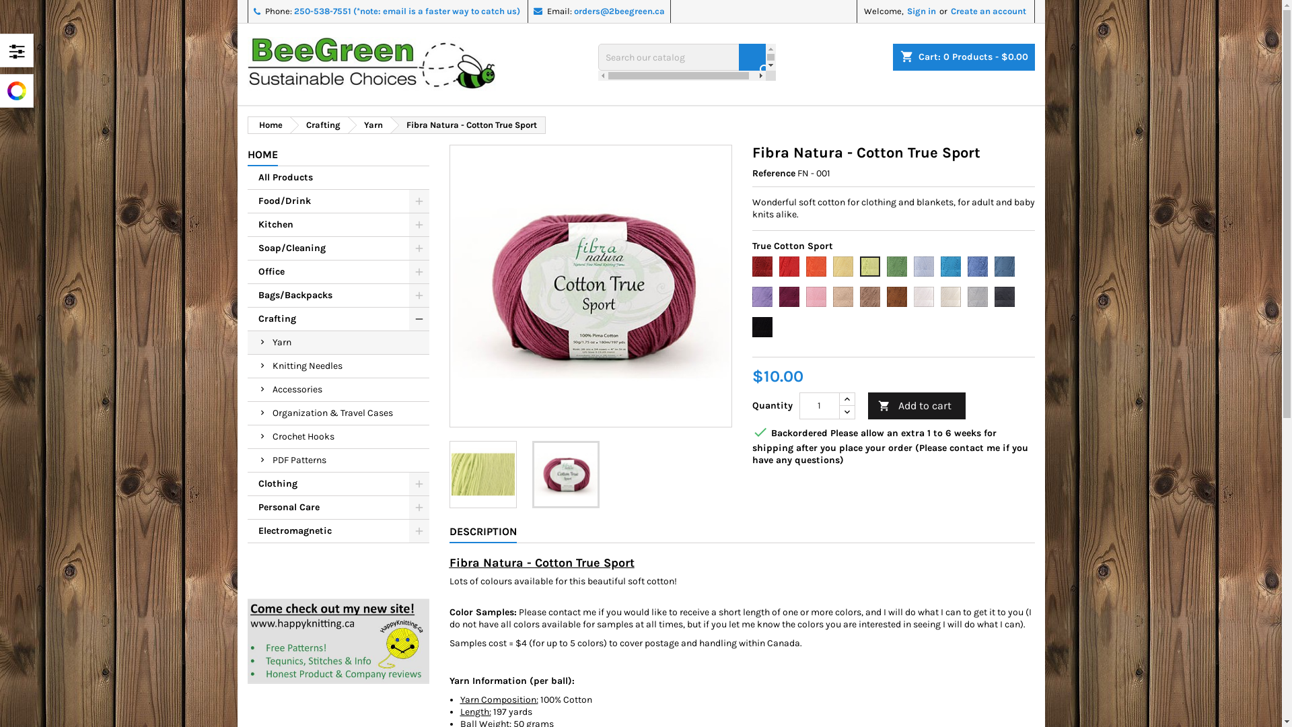 This screenshot has height=727, width=1292. What do you see at coordinates (338, 390) in the screenshot?
I see `'Accessories'` at bounding box center [338, 390].